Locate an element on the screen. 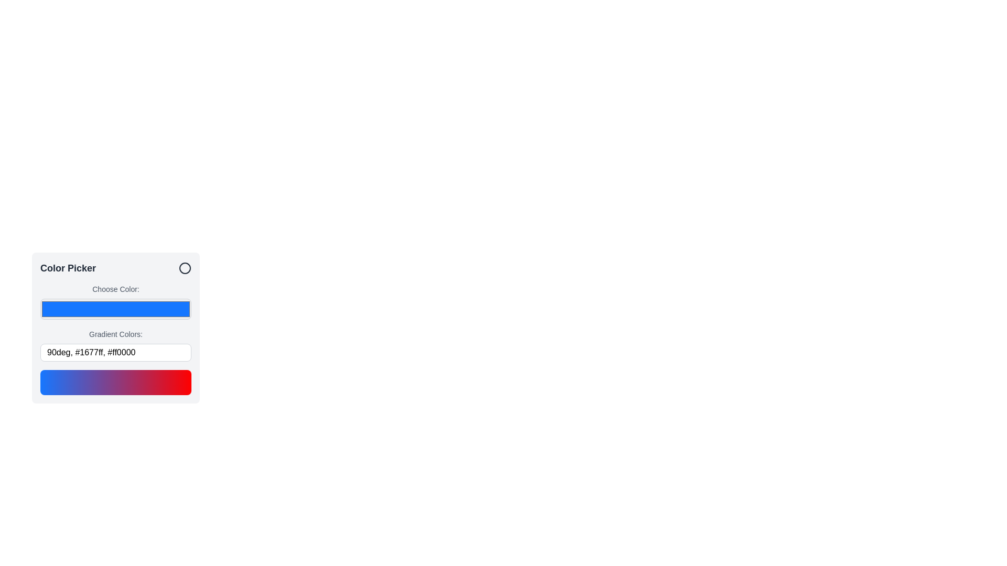  the text input field for gradient color parameters located in the 'Color Picker' module, beneath the label 'Gradient Colors:' to place the cursor inside the input box is located at coordinates (115, 352).